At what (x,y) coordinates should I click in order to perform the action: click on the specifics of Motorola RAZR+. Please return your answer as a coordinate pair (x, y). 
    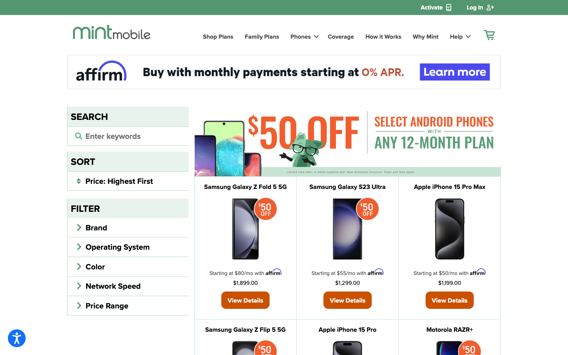
    Looking at the image, I should click on (449, 329).